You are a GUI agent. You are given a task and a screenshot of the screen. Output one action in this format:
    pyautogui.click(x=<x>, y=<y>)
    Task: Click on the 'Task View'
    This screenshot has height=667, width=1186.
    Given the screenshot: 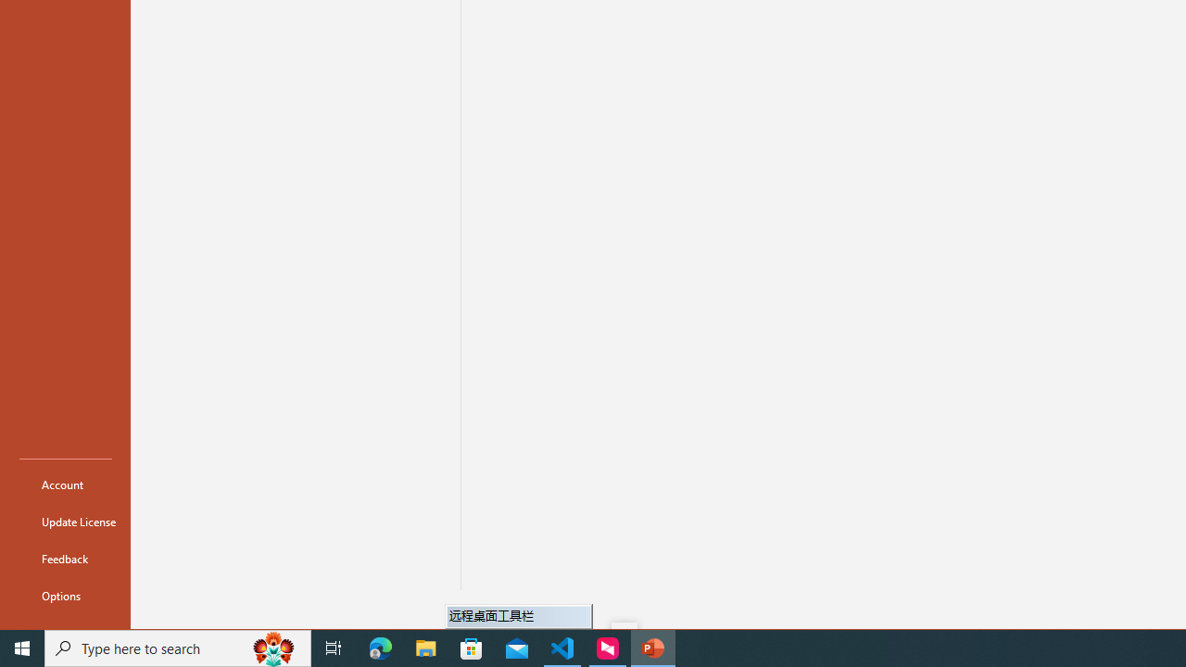 What is the action you would take?
    pyautogui.click(x=333, y=647)
    